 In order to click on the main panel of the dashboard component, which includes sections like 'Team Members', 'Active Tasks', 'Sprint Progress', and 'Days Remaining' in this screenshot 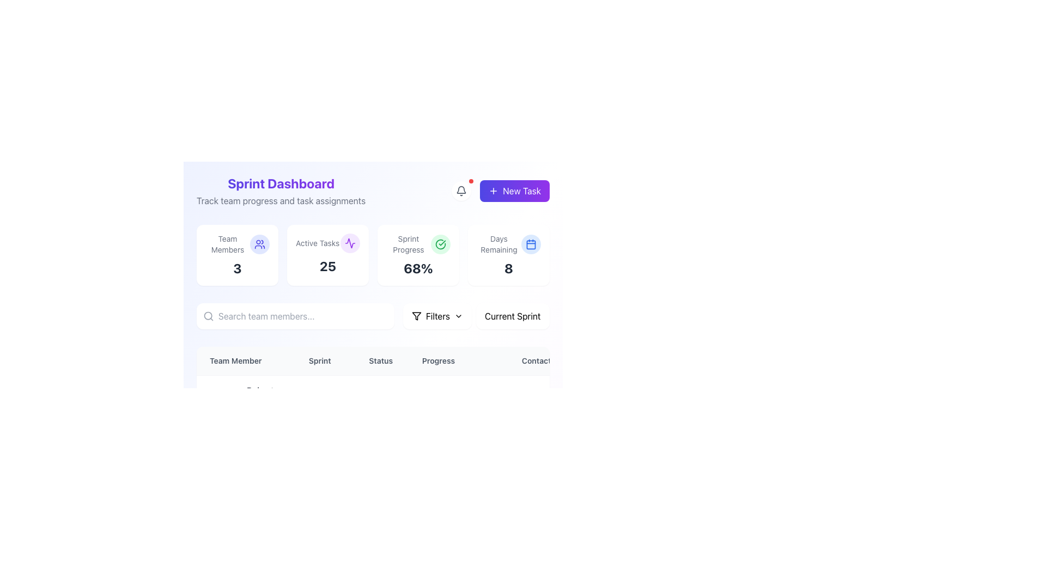, I will do `click(373, 268)`.